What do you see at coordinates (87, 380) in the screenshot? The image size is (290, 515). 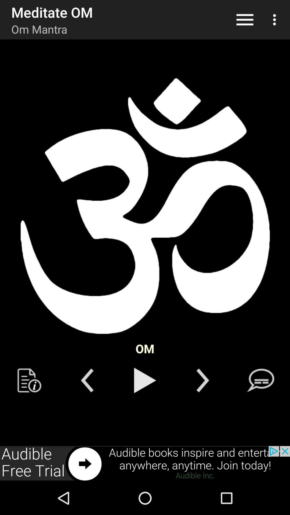 I see `back the option` at bounding box center [87, 380].